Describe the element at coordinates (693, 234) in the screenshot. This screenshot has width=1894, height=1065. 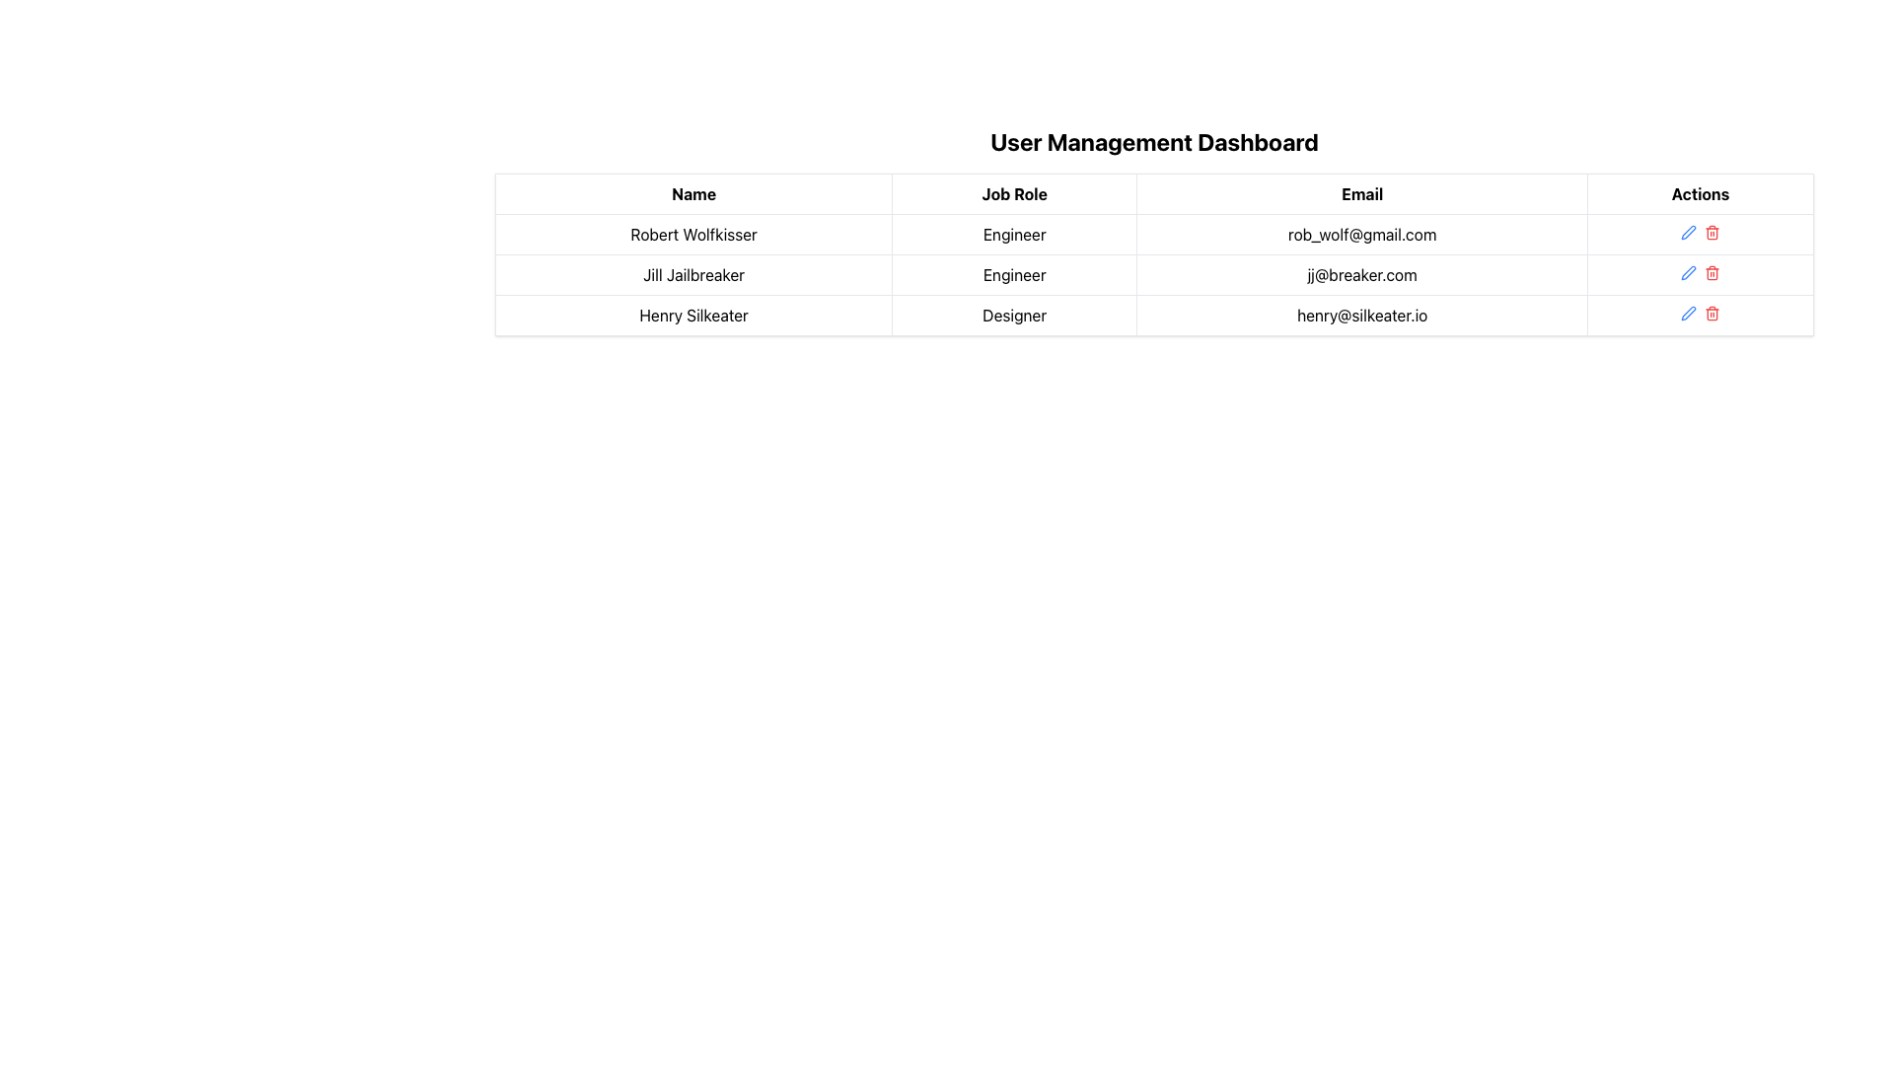
I see `the text label displaying the name 'Robert Wolfkisser', which is part of a table under the 'Name' column` at that location.